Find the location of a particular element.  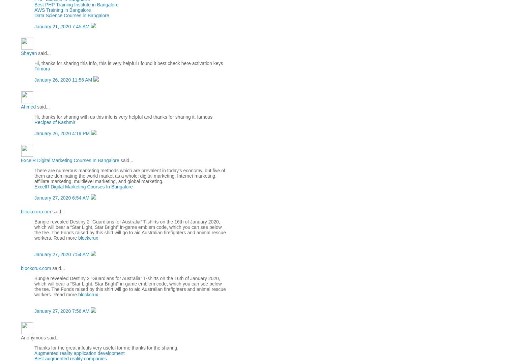

'Recipes of Kashmir' is located at coordinates (55, 122).